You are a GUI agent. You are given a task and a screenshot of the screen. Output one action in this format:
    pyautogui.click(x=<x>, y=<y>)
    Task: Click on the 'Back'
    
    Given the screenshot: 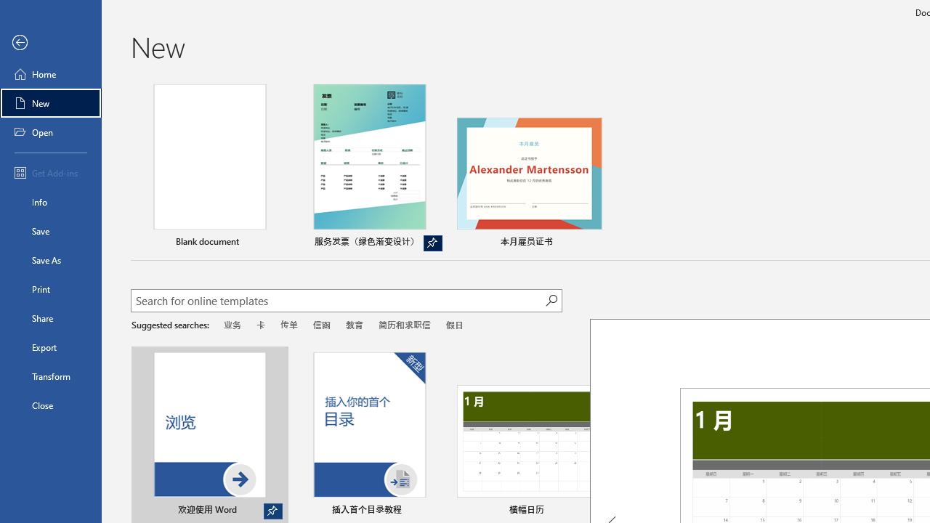 What is the action you would take?
    pyautogui.click(x=50, y=42)
    